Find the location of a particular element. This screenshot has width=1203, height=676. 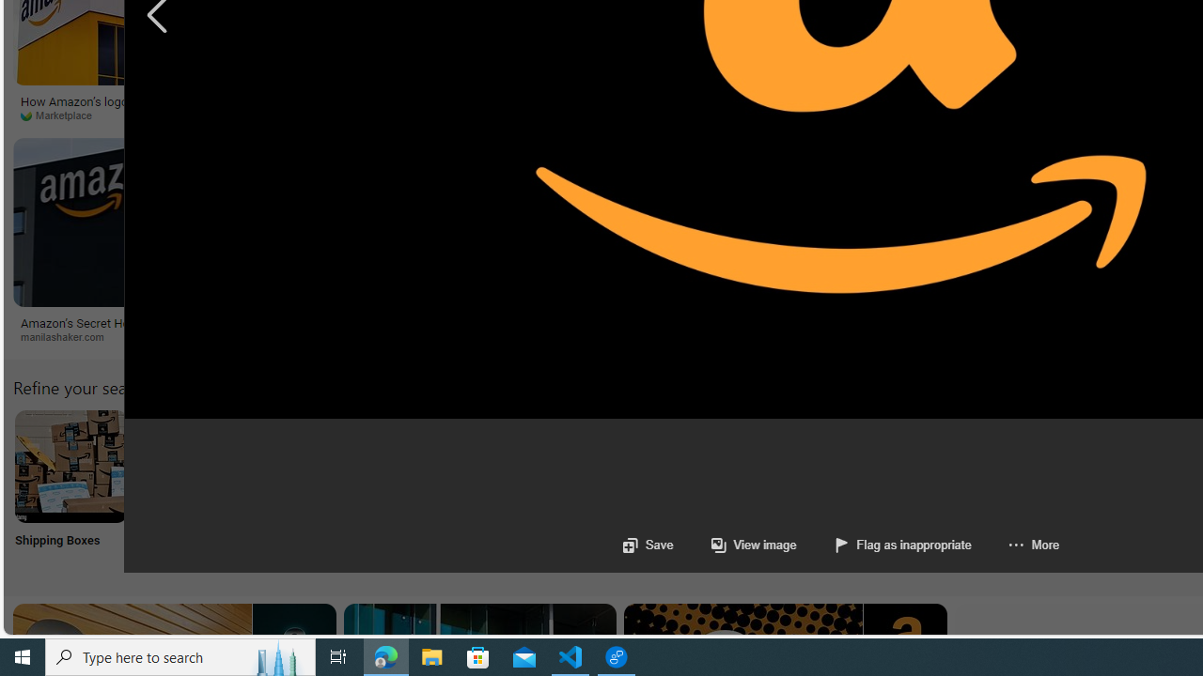

'Flag as inappropriate' is located at coordinates (902, 545).